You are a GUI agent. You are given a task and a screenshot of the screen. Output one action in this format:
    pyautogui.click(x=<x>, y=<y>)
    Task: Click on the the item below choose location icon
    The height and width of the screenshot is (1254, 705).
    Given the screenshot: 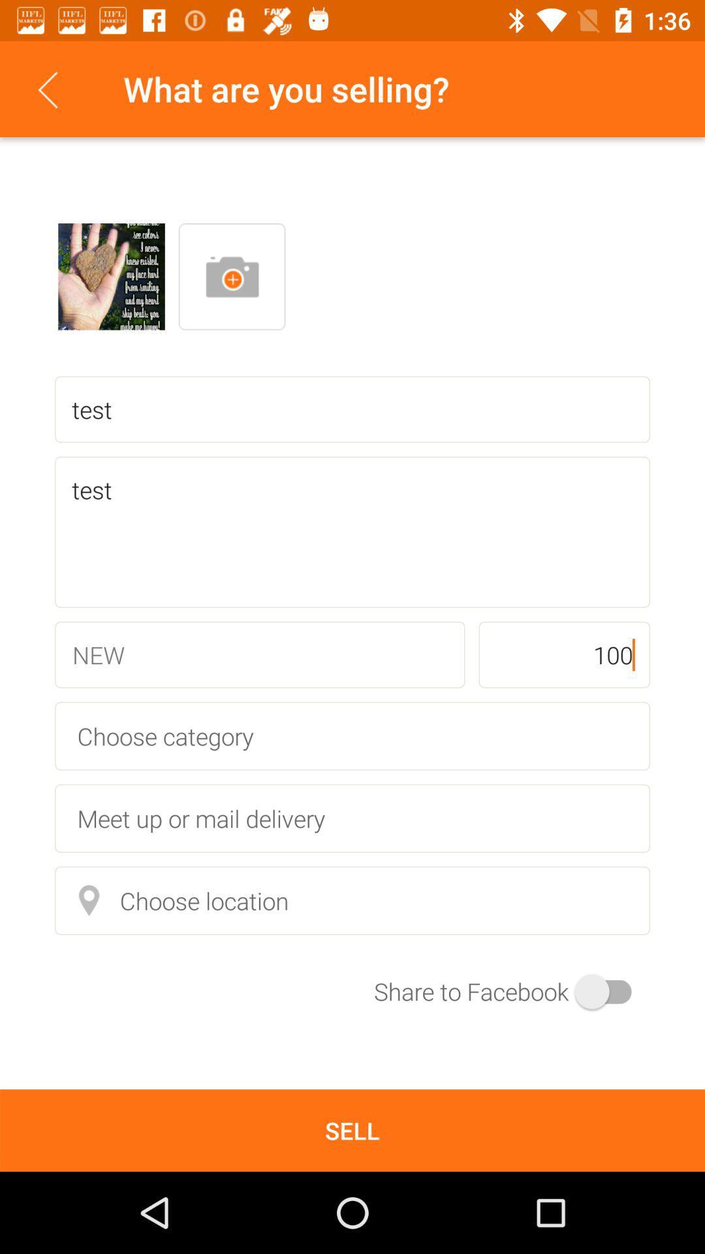 What is the action you would take?
    pyautogui.click(x=511, y=991)
    